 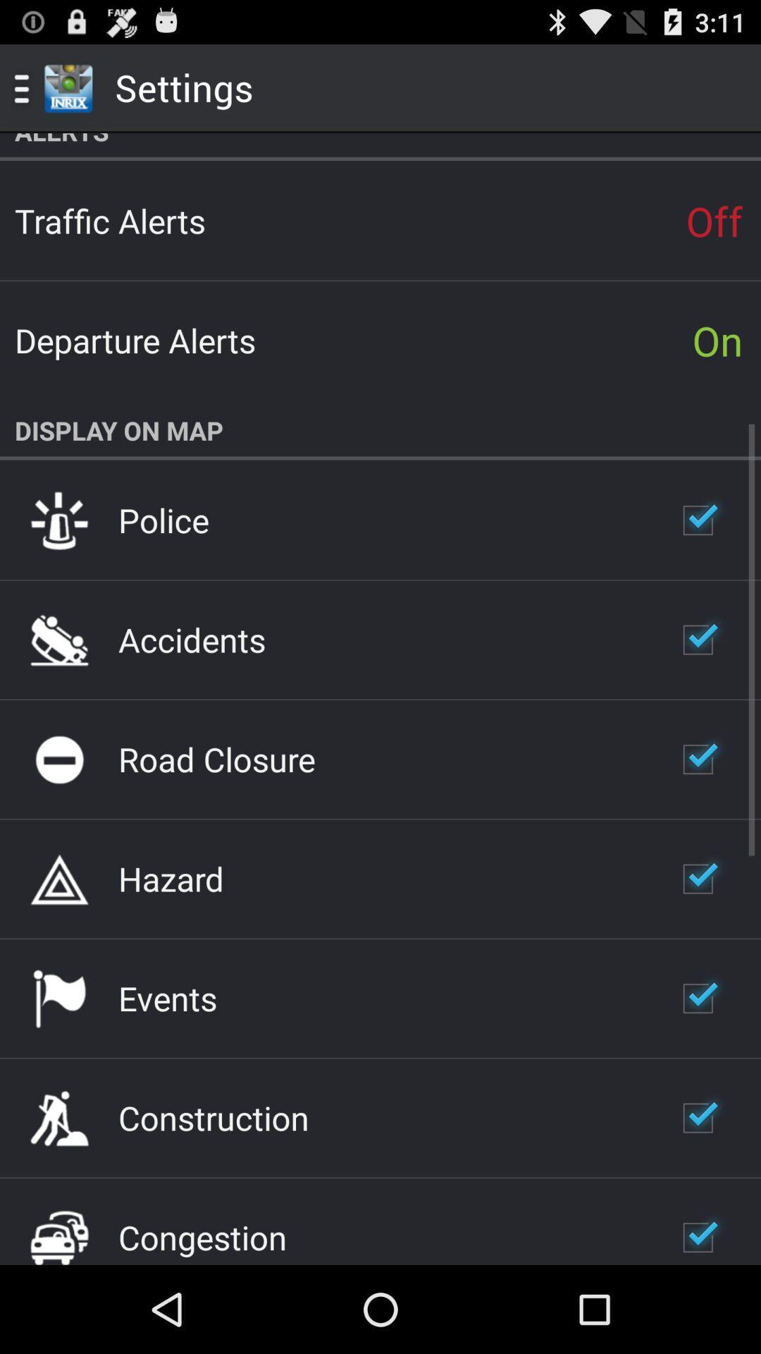 What do you see at coordinates (214, 1117) in the screenshot?
I see `construction icon` at bounding box center [214, 1117].